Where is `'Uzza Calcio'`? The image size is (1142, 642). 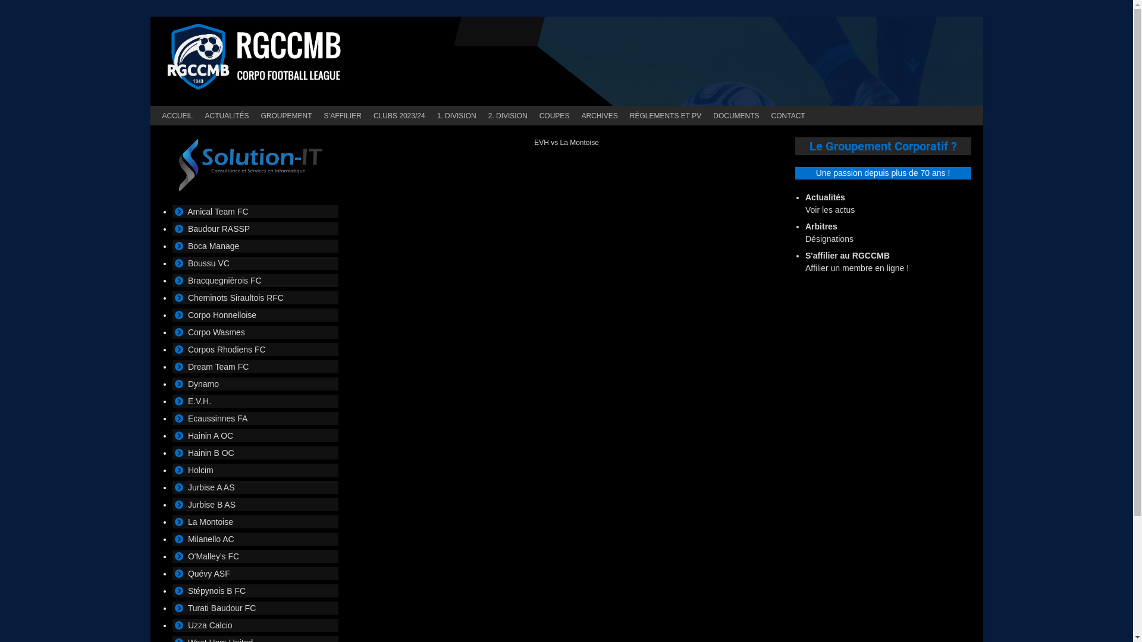 'Uzza Calcio' is located at coordinates (210, 625).